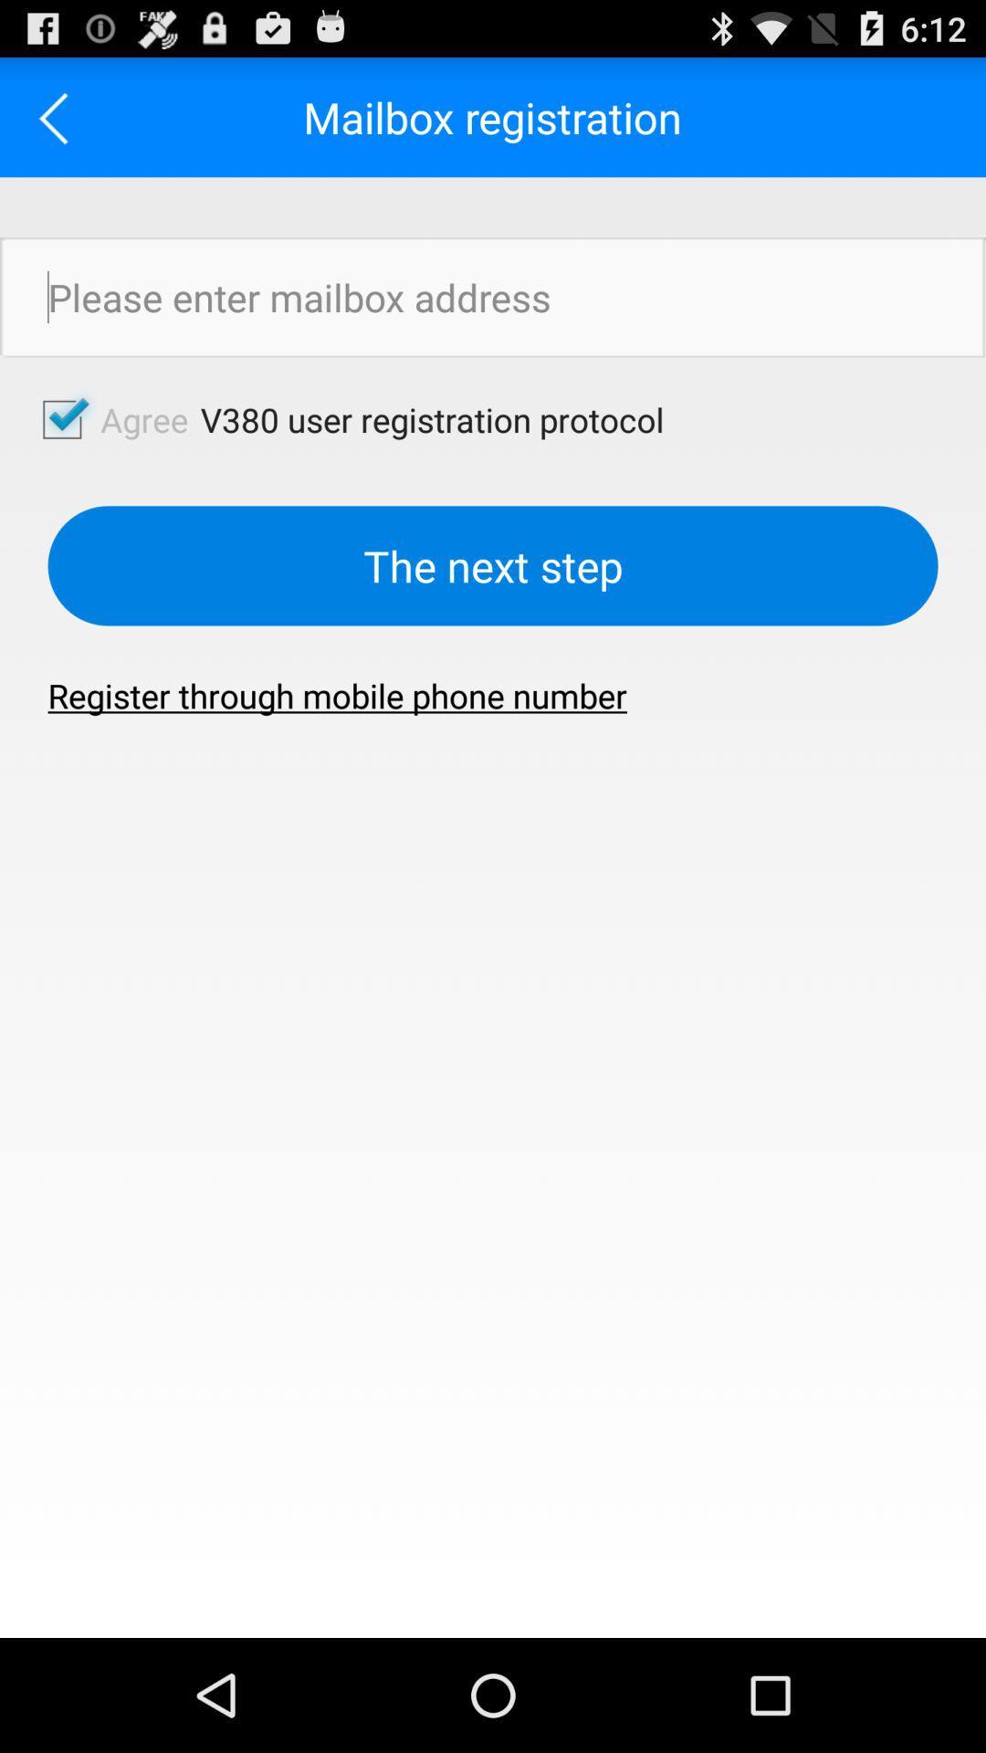 This screenshot has height=1753, width=986. Describe the element at coordinates (61, 418) in the screenshot. I see `agree button` at that location.